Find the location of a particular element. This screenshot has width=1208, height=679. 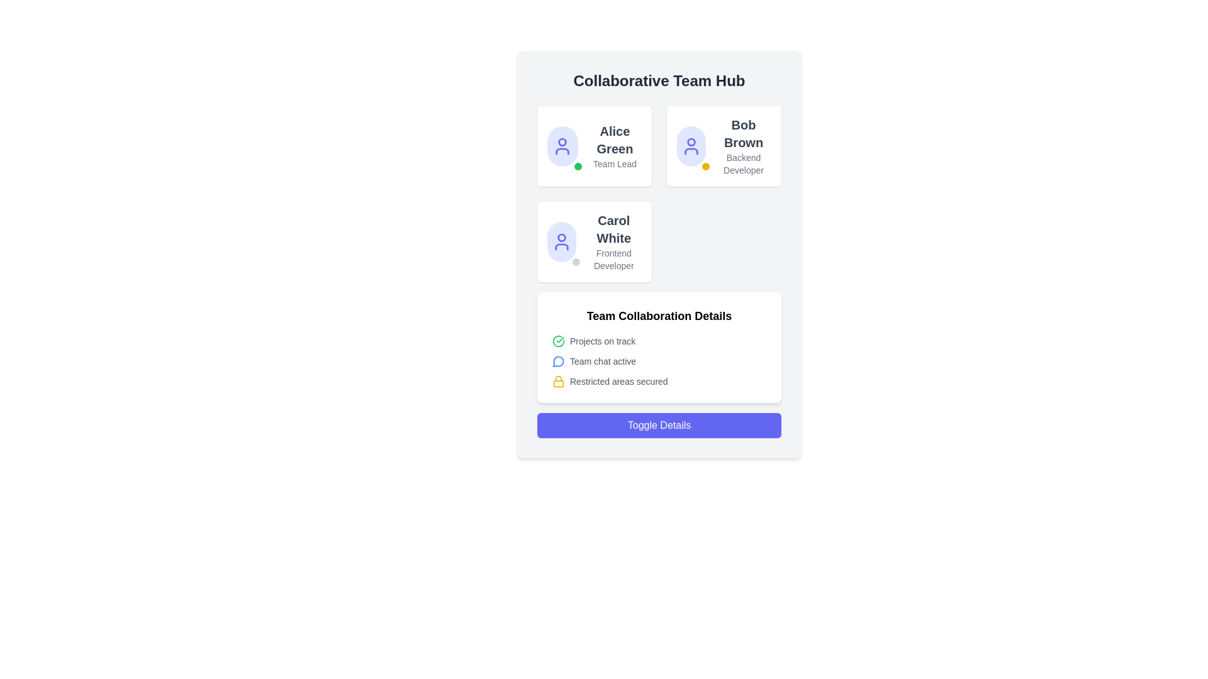

the text component displaying 'Carol White', which is styled in bold and larger font, located at the center of the profile card in the second row, first column of the 'Collaborative Team Hub' section is located at coordinates (613, 229).